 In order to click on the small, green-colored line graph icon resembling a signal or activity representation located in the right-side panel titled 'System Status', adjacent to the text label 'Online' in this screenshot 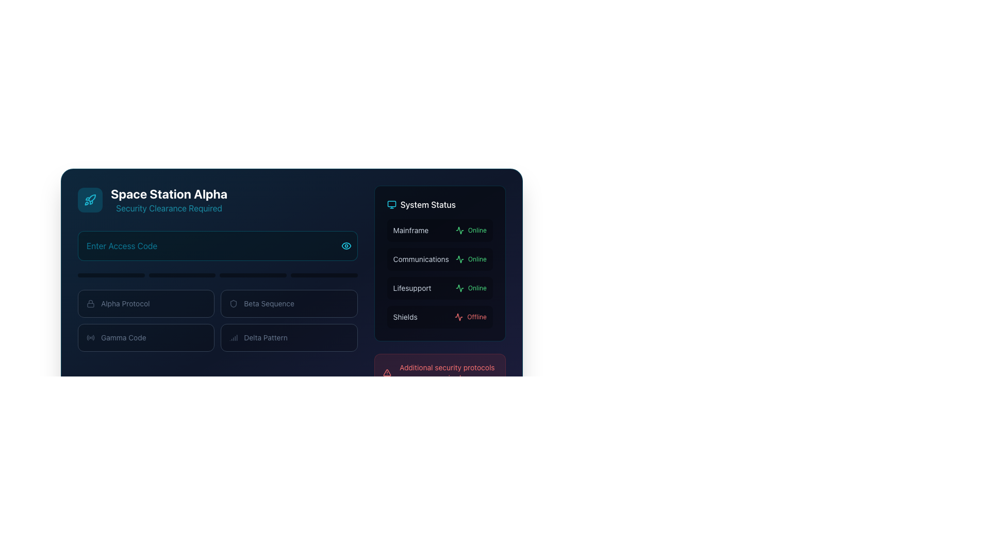, I will do `click(459, 258)`.